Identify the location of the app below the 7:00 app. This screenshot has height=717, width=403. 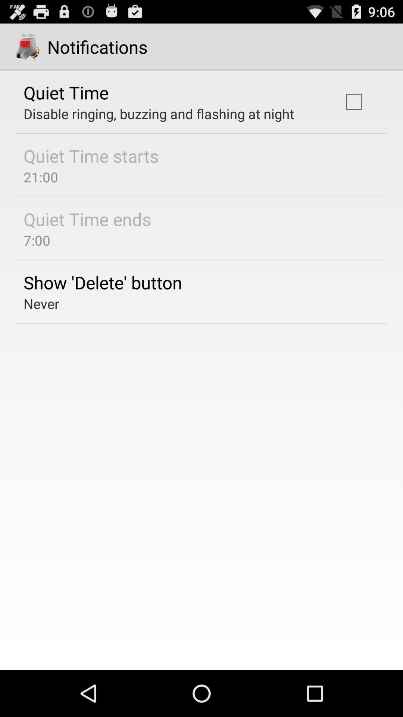
(103, 282).